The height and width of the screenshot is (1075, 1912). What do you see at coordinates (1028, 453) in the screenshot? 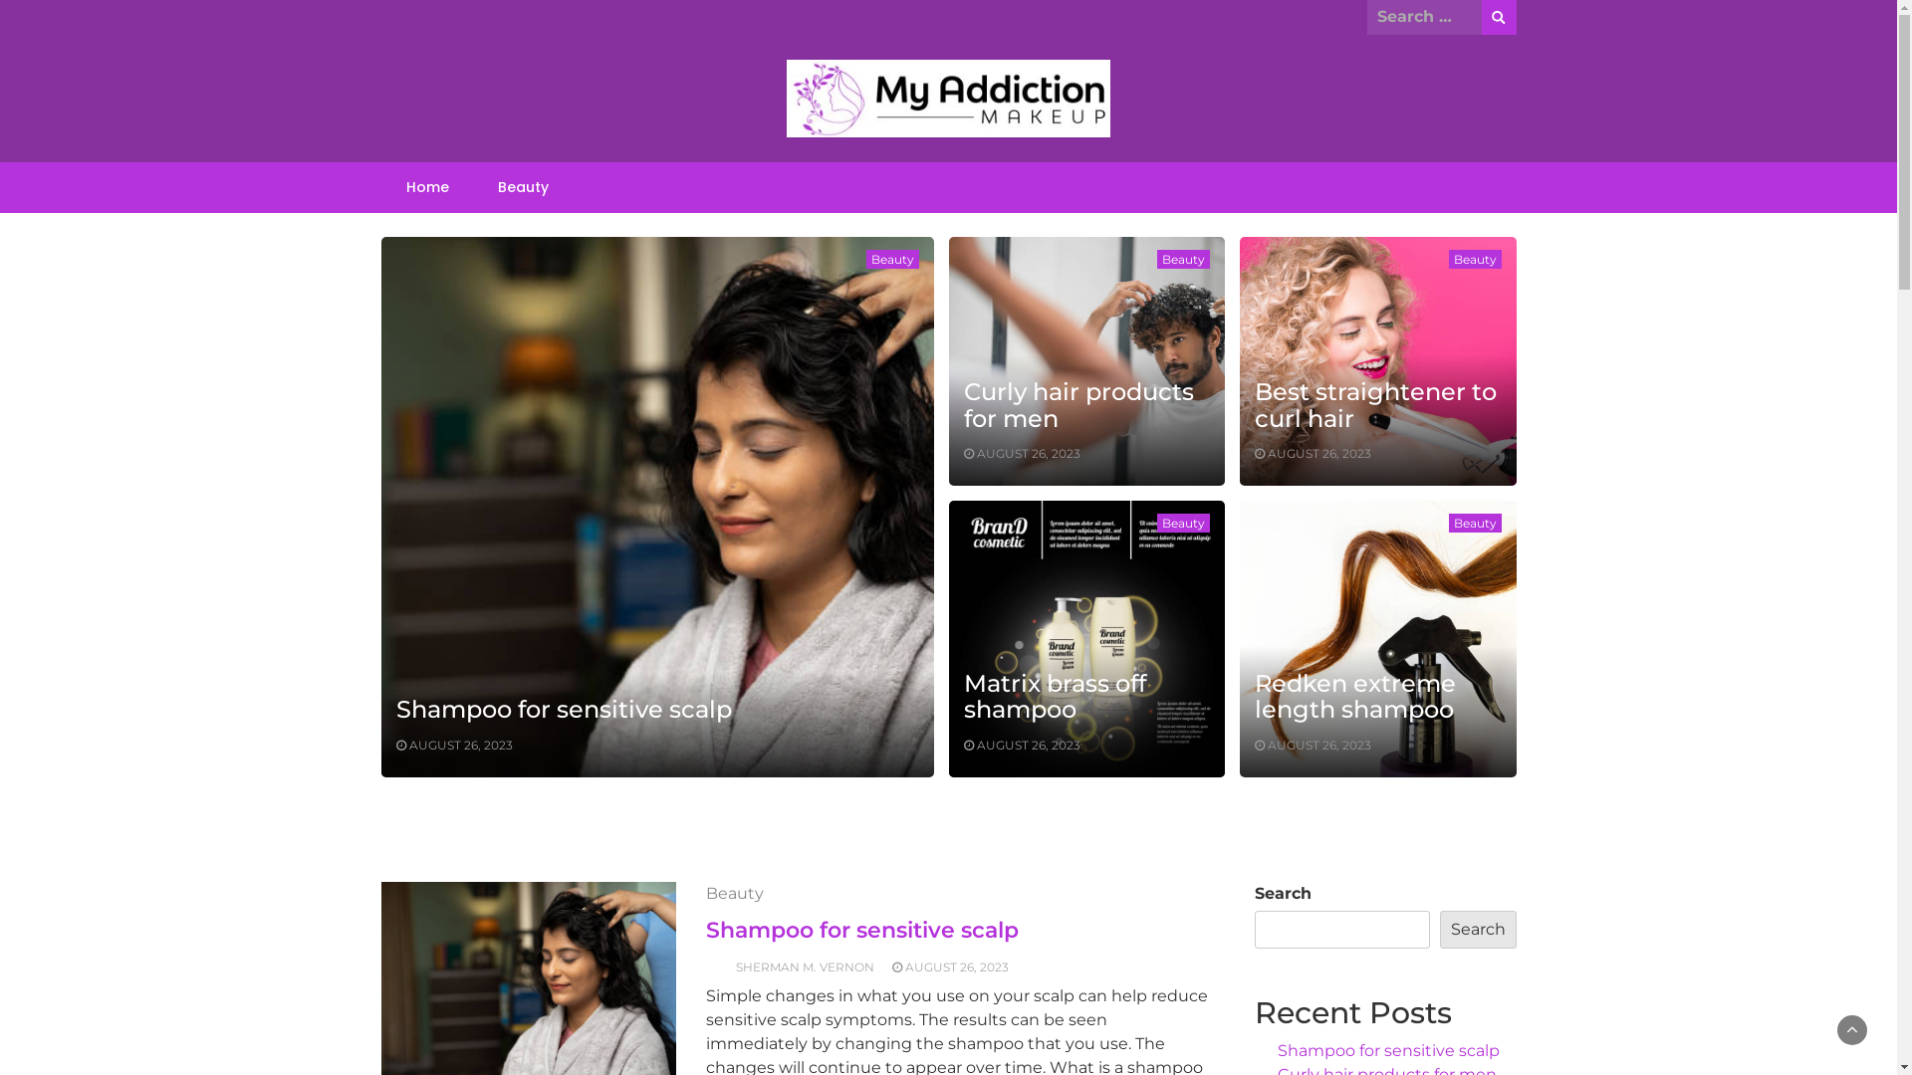
I see `'AUGUST 26, 2023'` at bounding box center [1028, 453].